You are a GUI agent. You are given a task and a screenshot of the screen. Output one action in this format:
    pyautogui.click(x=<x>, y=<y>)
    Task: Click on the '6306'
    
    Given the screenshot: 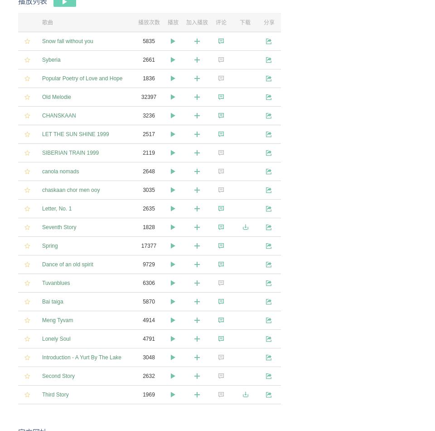 What is the action you would take?
    pyautogui.click(x=149, y=283)
    